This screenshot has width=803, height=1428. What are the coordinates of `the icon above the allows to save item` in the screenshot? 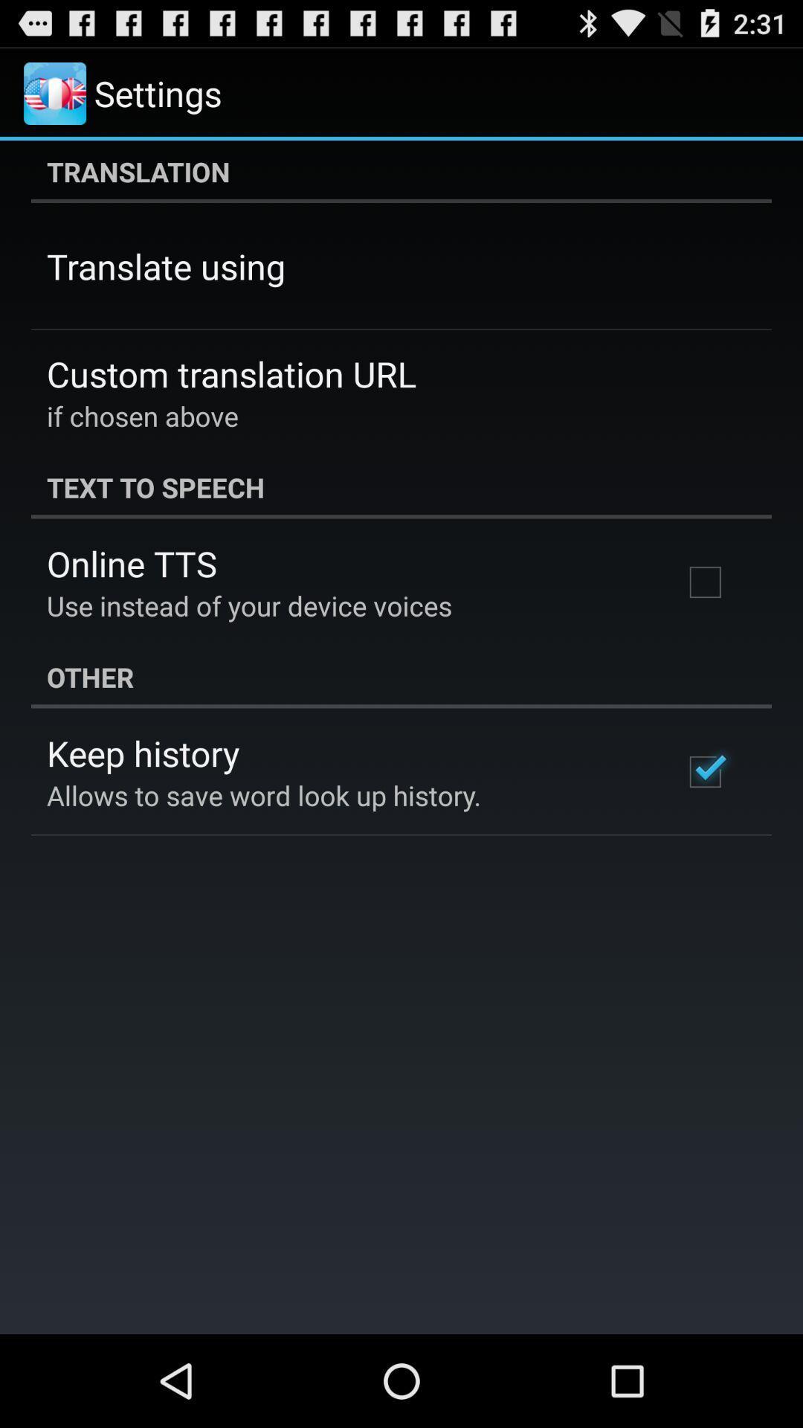 It's located at (143, 753).